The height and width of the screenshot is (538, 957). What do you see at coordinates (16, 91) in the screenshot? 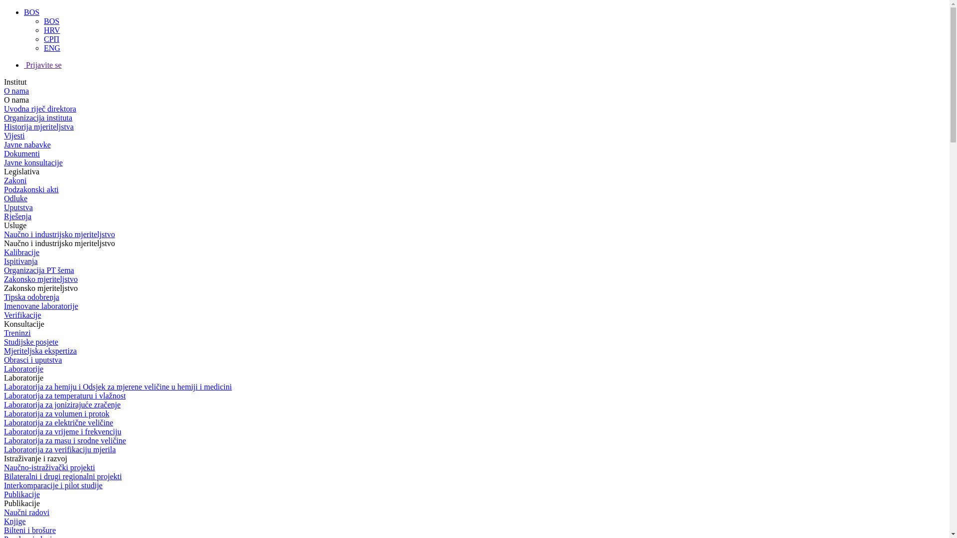
I see `'O nama'` at bounding box center [16, 91].